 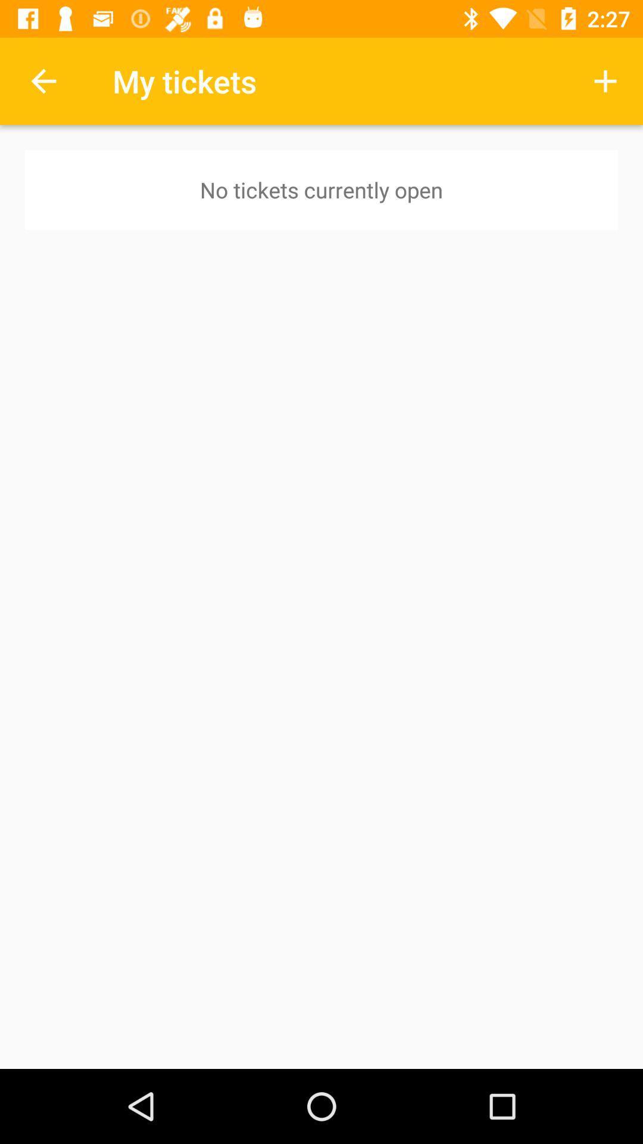 I want to click on item next to my tickets, so click(x=43, y=80).